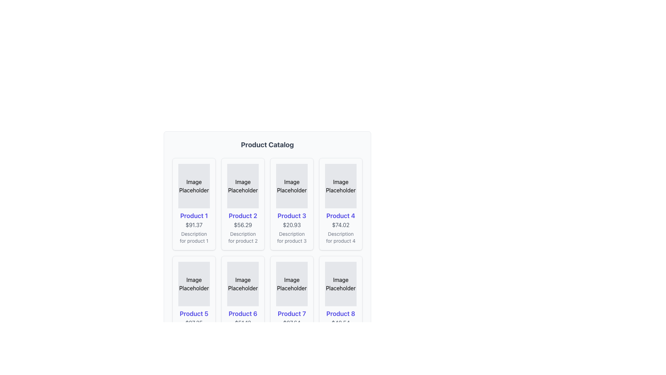 The image size is (666, 375). What do you see at coordinates (292, 186) in the screenshot?
I see `the static informational area for 'Product 3' in the product grid, which serves as a placeholder for a product image` at bounding box center [292, 186].